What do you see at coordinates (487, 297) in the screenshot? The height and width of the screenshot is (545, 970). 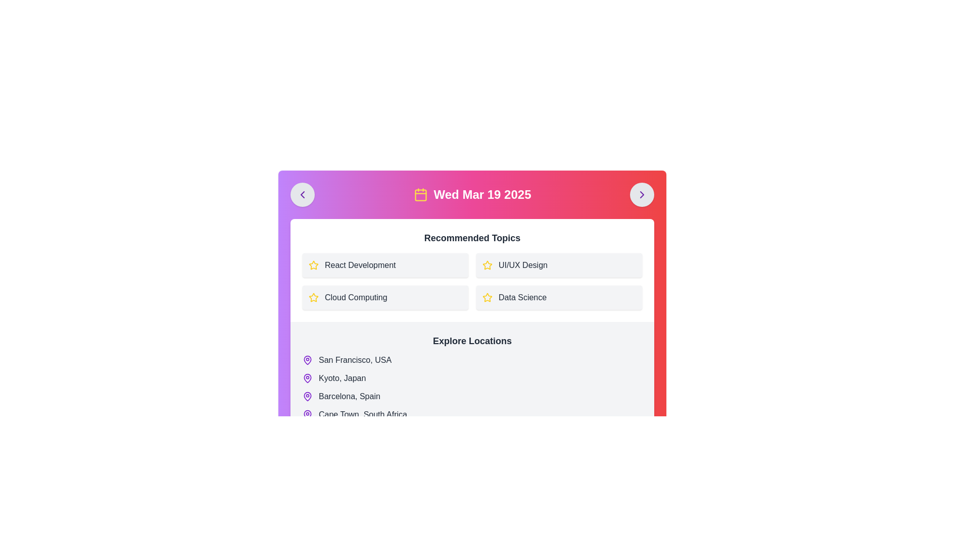 I see `the star icon located in the recommendation section next to the 'Data Science' label, which serves as an indicator for marking the importance of the associated item` at bounding box center [487, 297].